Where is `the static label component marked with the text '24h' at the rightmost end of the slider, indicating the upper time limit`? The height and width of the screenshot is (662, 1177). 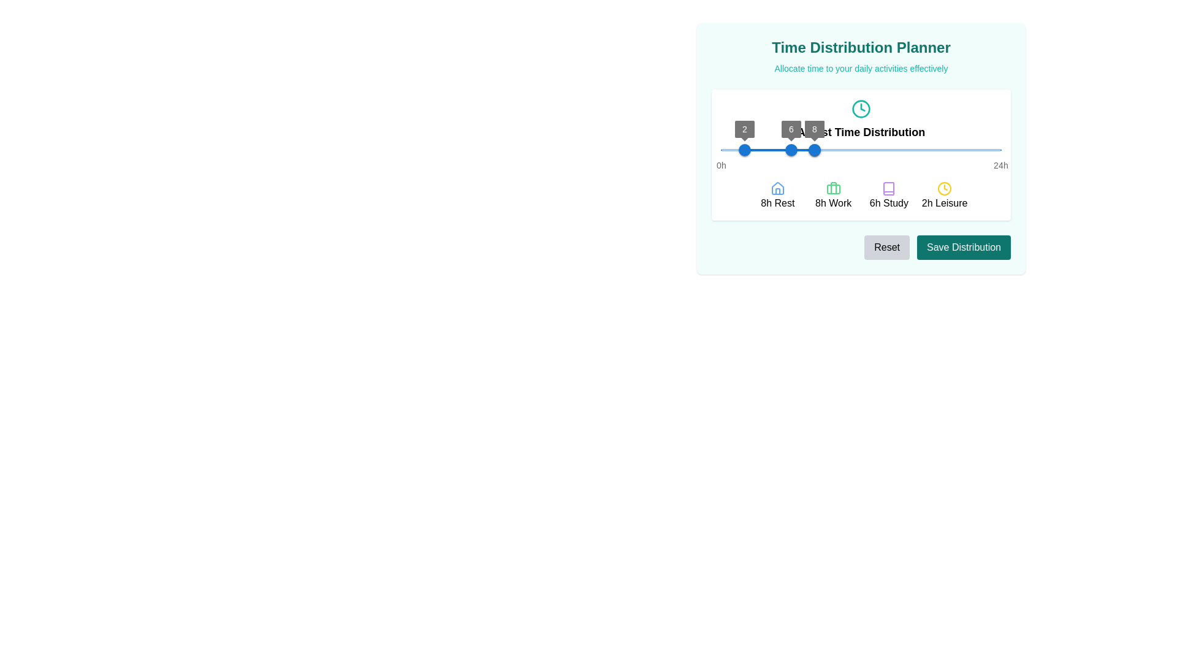
the static label component marked with the text '24h' at the rightmost end of the slider, indicating the upper time limit is located at coordinates (1000, 165).